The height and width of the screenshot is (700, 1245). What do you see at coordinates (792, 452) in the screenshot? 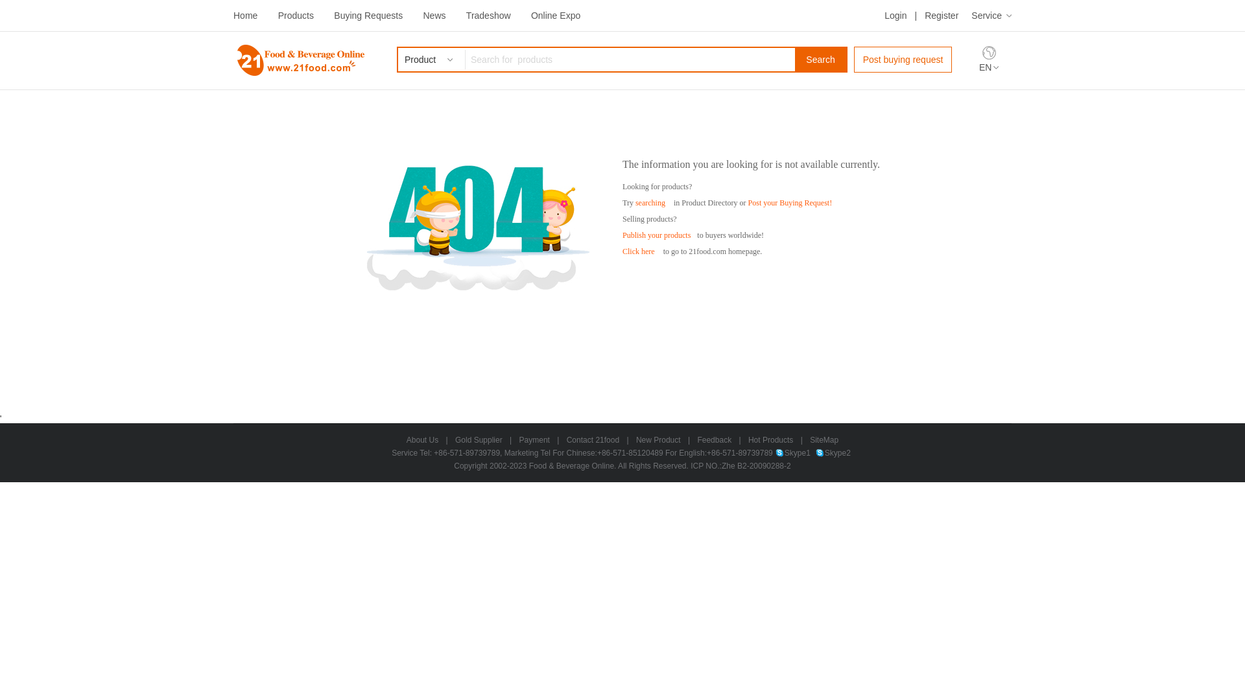
I see `'Skype1'` at bounding box center [792, 452].